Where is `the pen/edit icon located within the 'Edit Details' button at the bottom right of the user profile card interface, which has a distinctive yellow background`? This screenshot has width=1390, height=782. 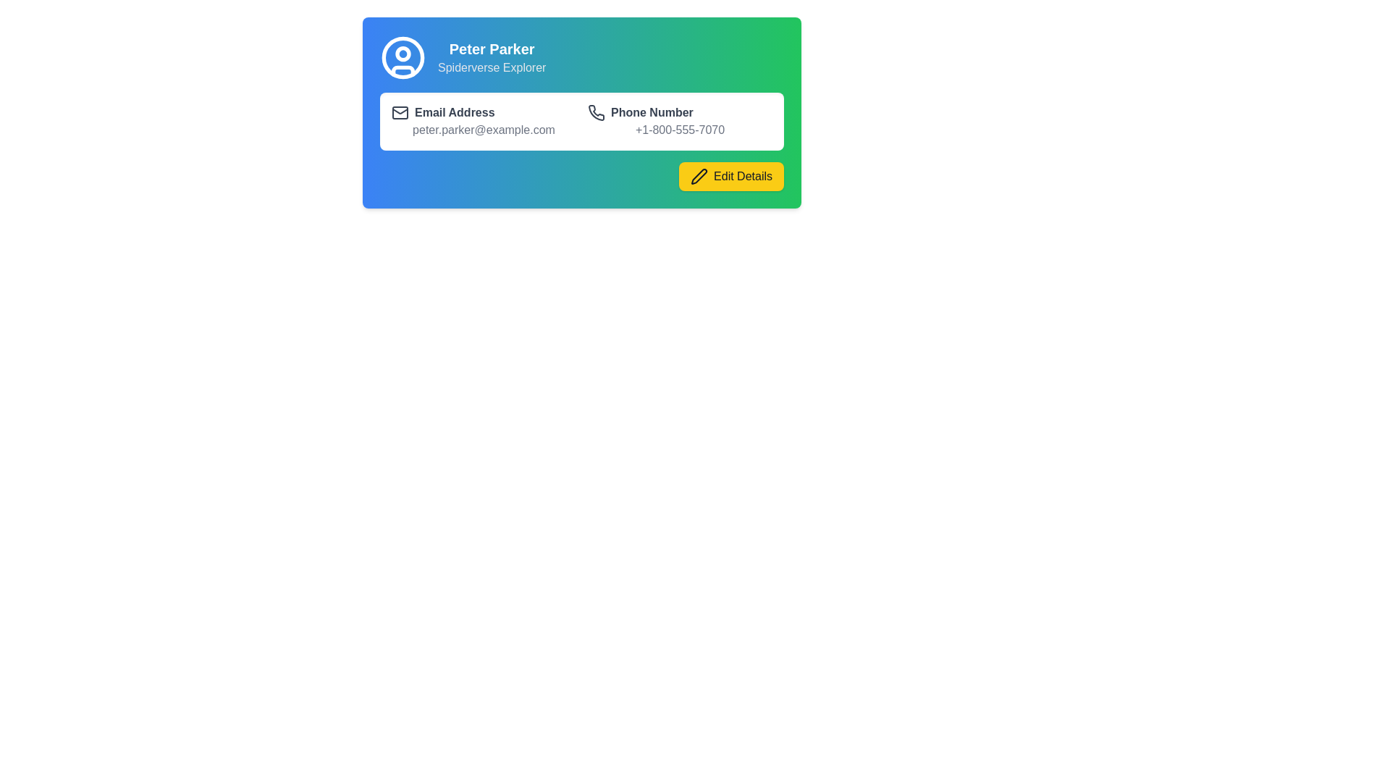
the pen/edit icon located within the 'Edit Details' button at the bottom right of the user profile card interface, which has a distinctive yellow background is located at coordinates (699, 175).